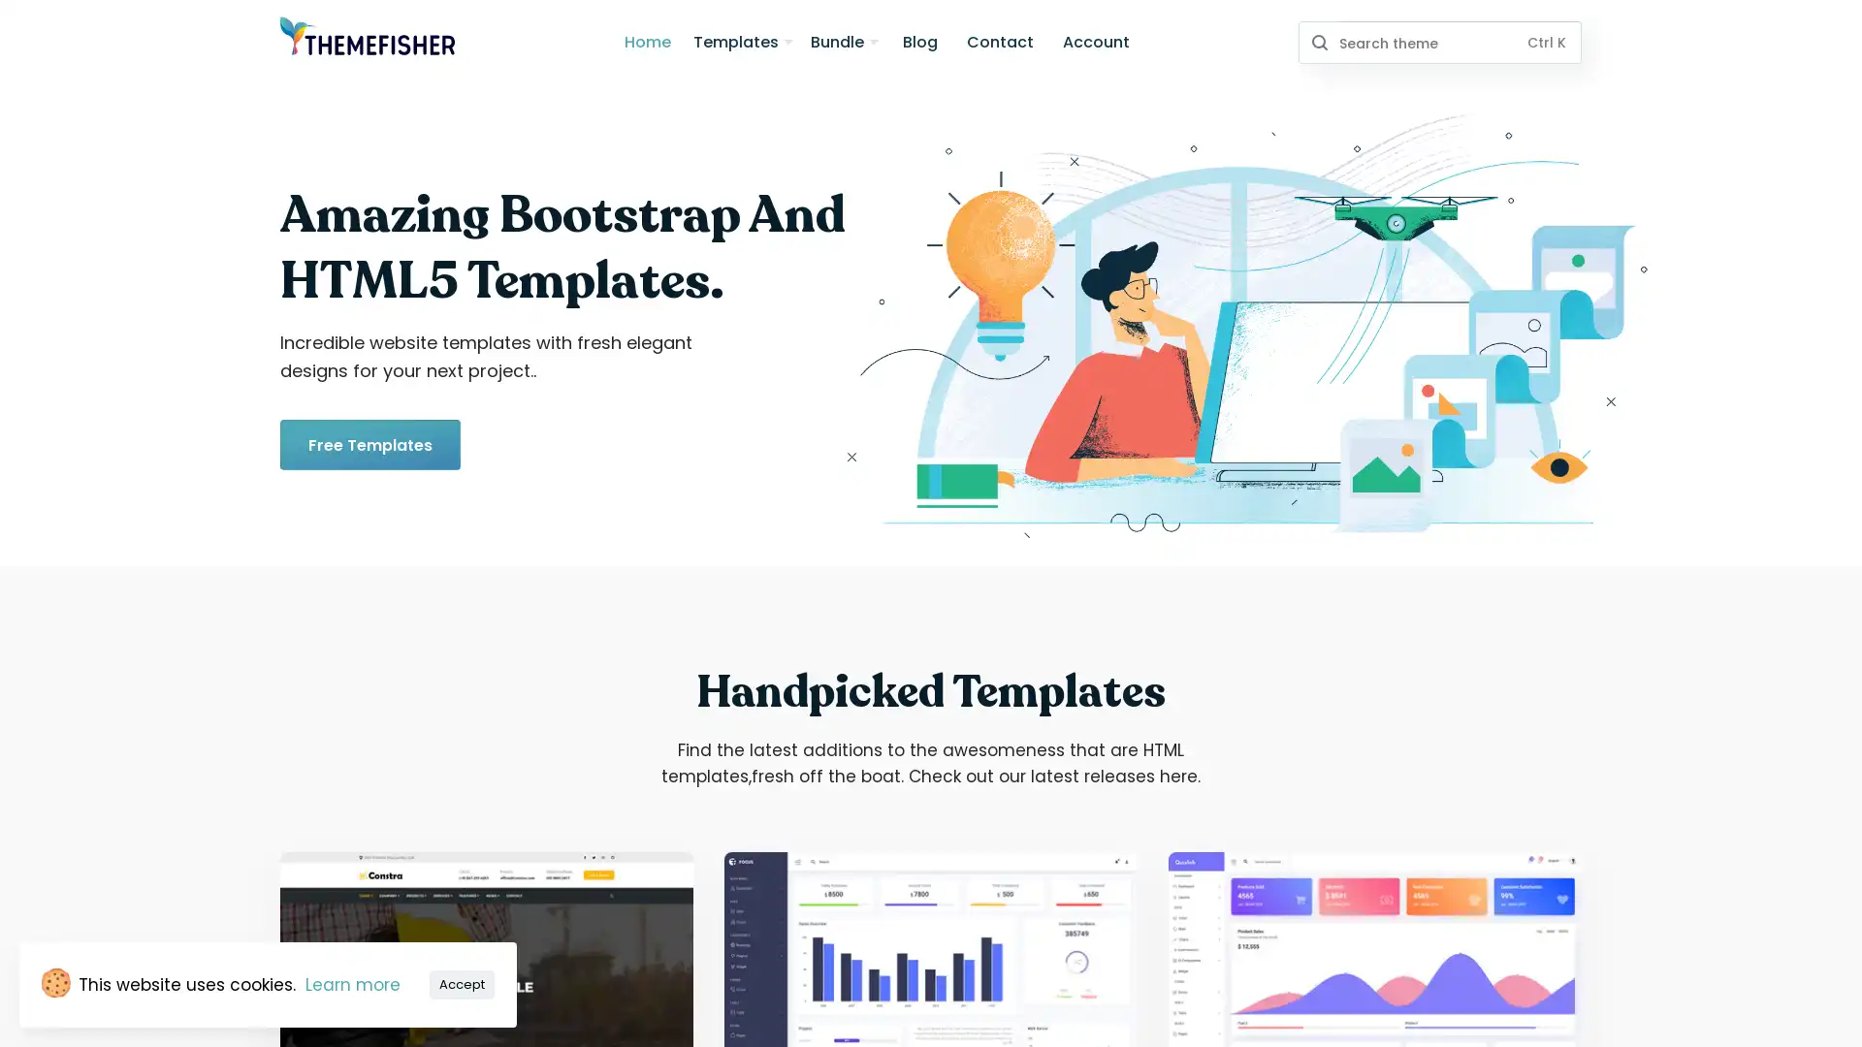  I want to click on Accept cookies, so click(461, 983).